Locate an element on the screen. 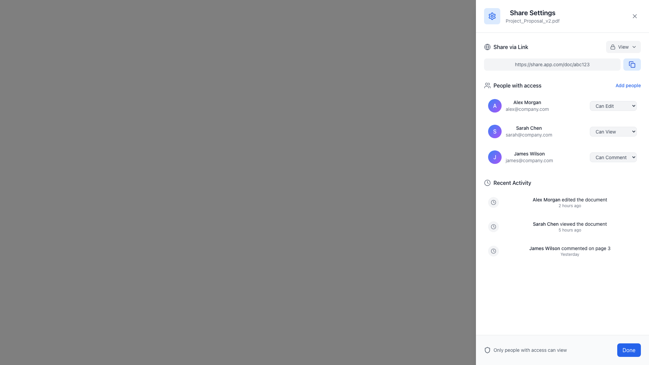 Image resolution: width=649 pixels, height=365 pixels. the circular globe icon with longitude and latitude lines, styled in gray, located to the left of the text 'Share via Link' is located at coordinates (487, 46).